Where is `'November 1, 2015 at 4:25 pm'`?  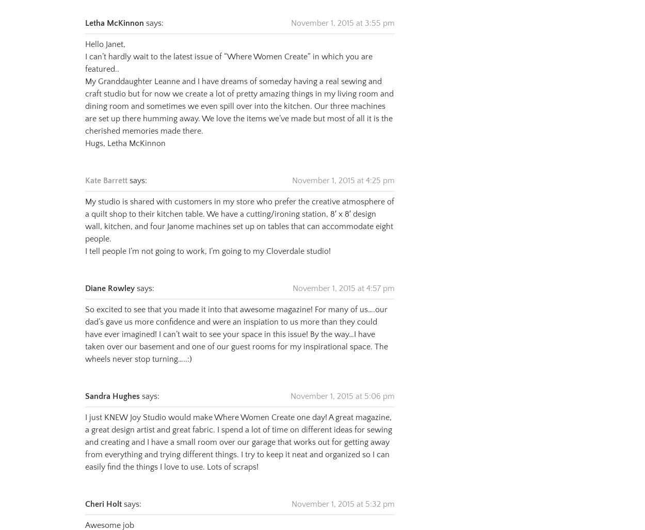
'November 1, 2015 at 4:25 pm' is located at coordinates (343, 167).